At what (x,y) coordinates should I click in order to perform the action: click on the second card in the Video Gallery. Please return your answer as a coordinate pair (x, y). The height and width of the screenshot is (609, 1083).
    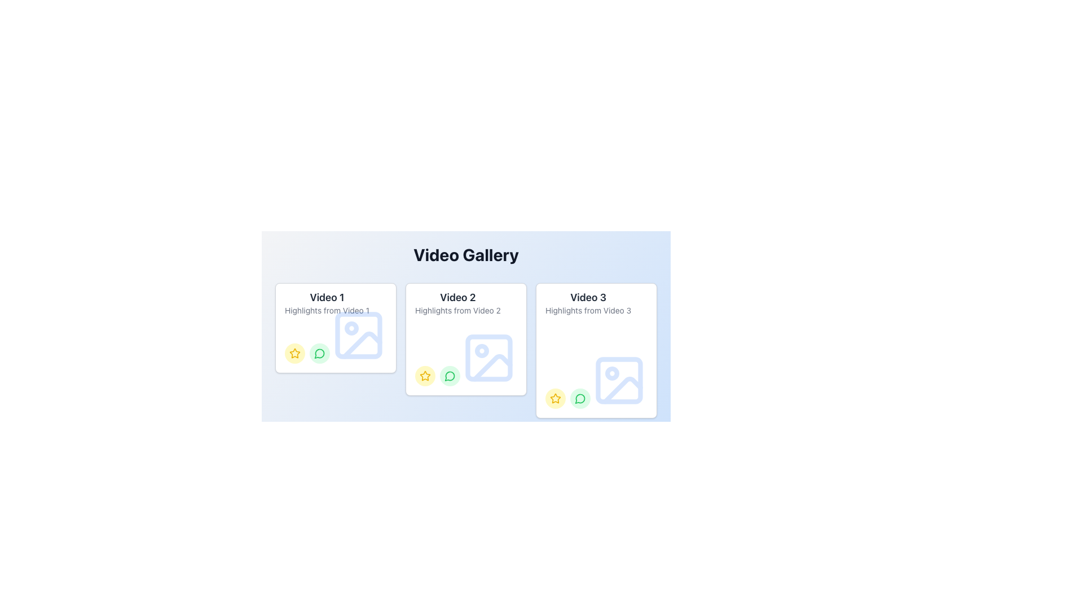
    Looking at the image, I should click on (466, 320).